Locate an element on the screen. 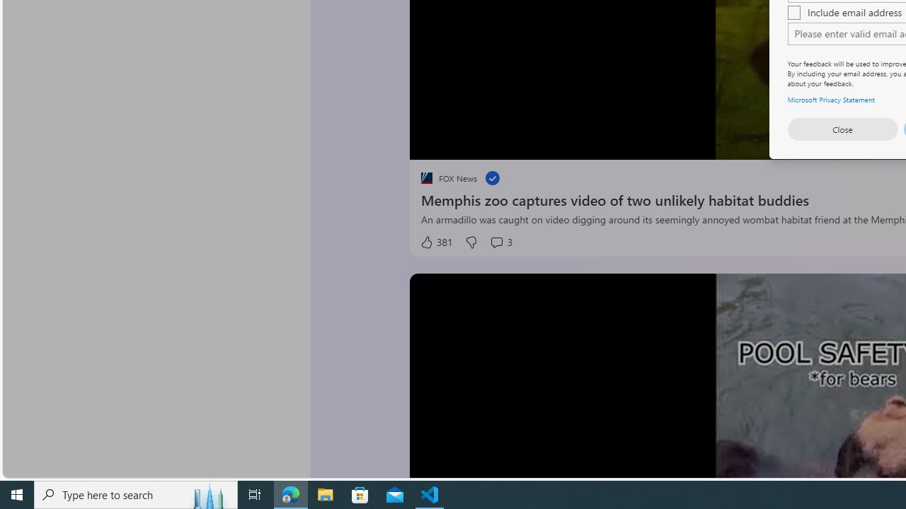 This screenshot has width=906, height=509. '381 Like' is located at coordinates (435, 242).